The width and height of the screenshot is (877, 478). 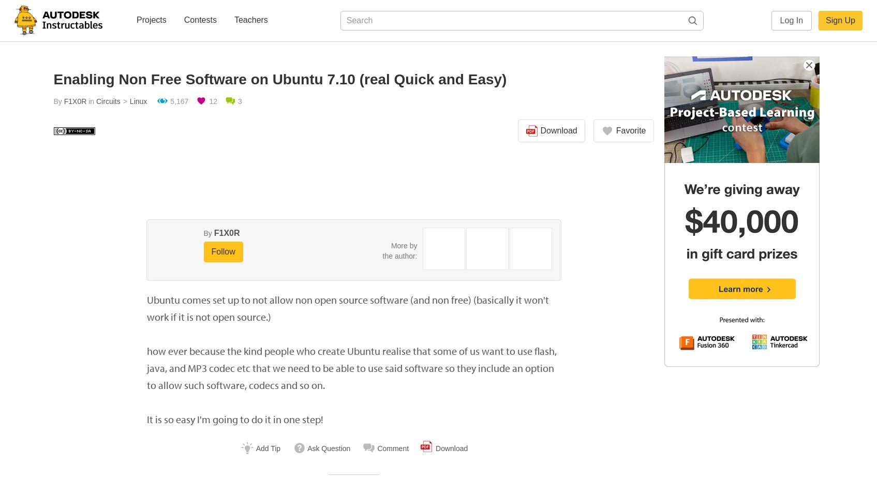 What do you see at coordinates (351, 368) in the screenshot?
I see `'how ever because the kind people who create Ubuntu realise that some of us want to use flash, java, and MP3 codec etc that we need to be able to use said  software so they include an option to allow such software, codecs and so on.'` at bounding box center [351, 368].